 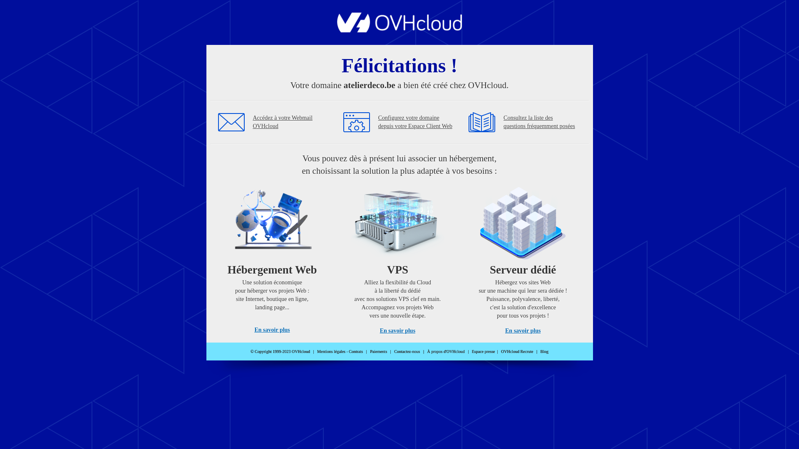 I want to click on 'En savoir plus', so click(x=272, y=329).